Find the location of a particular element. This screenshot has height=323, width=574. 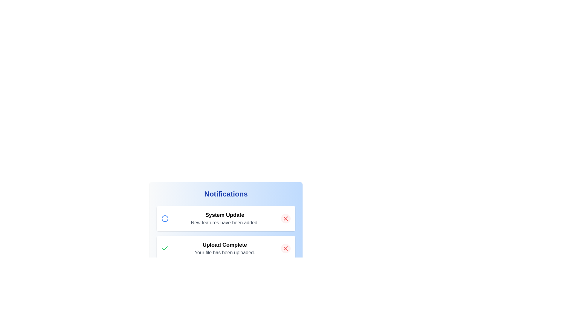

the static text label displaying 'System Update', which is bold and larger than surrounding text, located in the upper section of the notifications interface is located at coordinates (225, 214).